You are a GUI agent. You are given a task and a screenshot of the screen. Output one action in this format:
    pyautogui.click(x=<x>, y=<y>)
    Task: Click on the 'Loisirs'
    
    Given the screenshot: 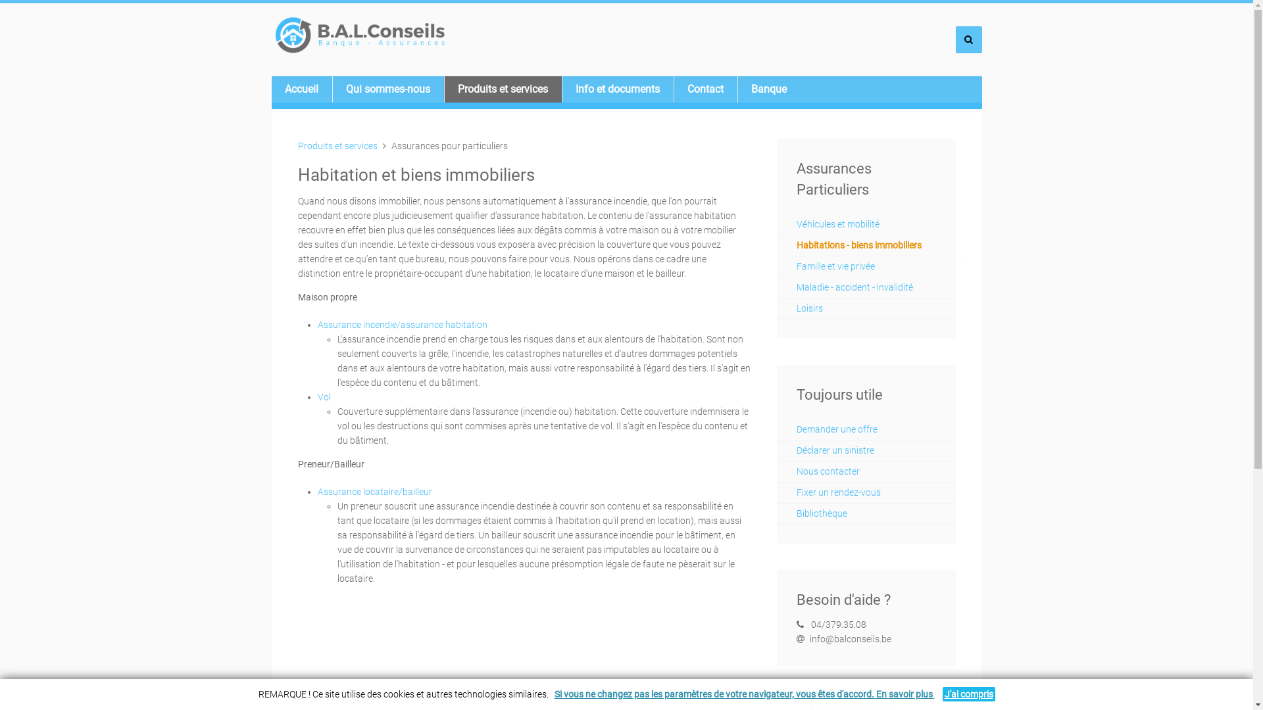 What is the action you would take?
    pyautogui.click(x=776, y=308)
    